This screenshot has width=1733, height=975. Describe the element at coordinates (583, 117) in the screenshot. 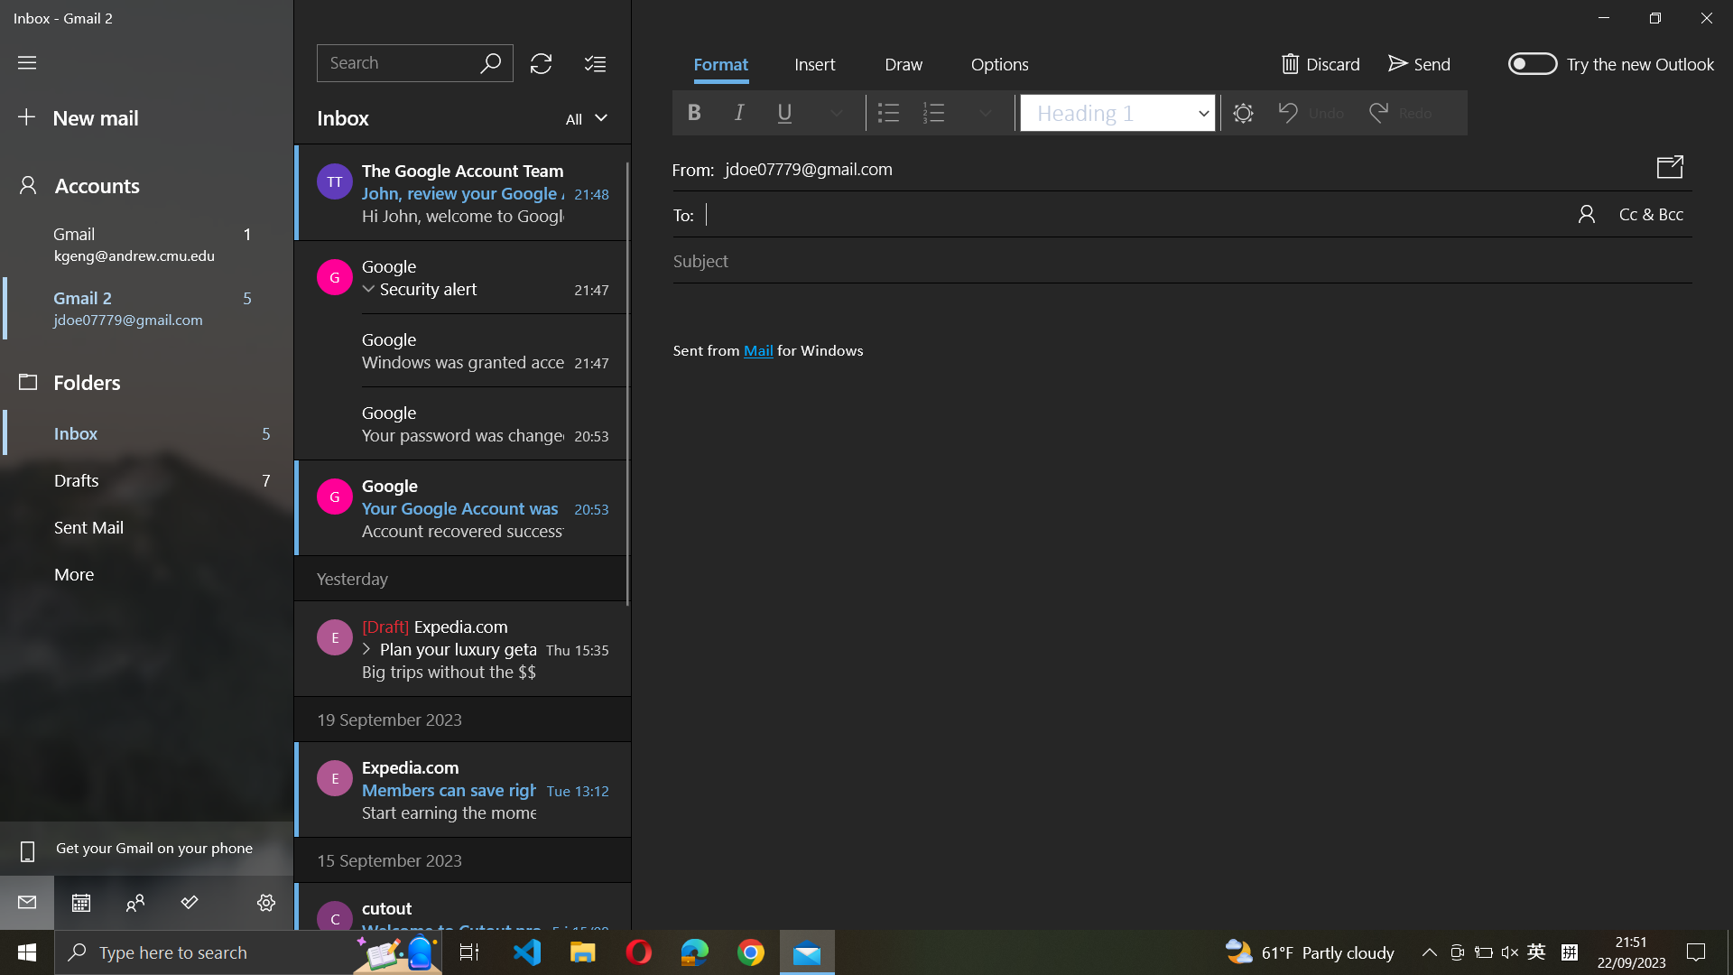

I see `View emails from "kgeng@andrew.cmu.edu` at that location.